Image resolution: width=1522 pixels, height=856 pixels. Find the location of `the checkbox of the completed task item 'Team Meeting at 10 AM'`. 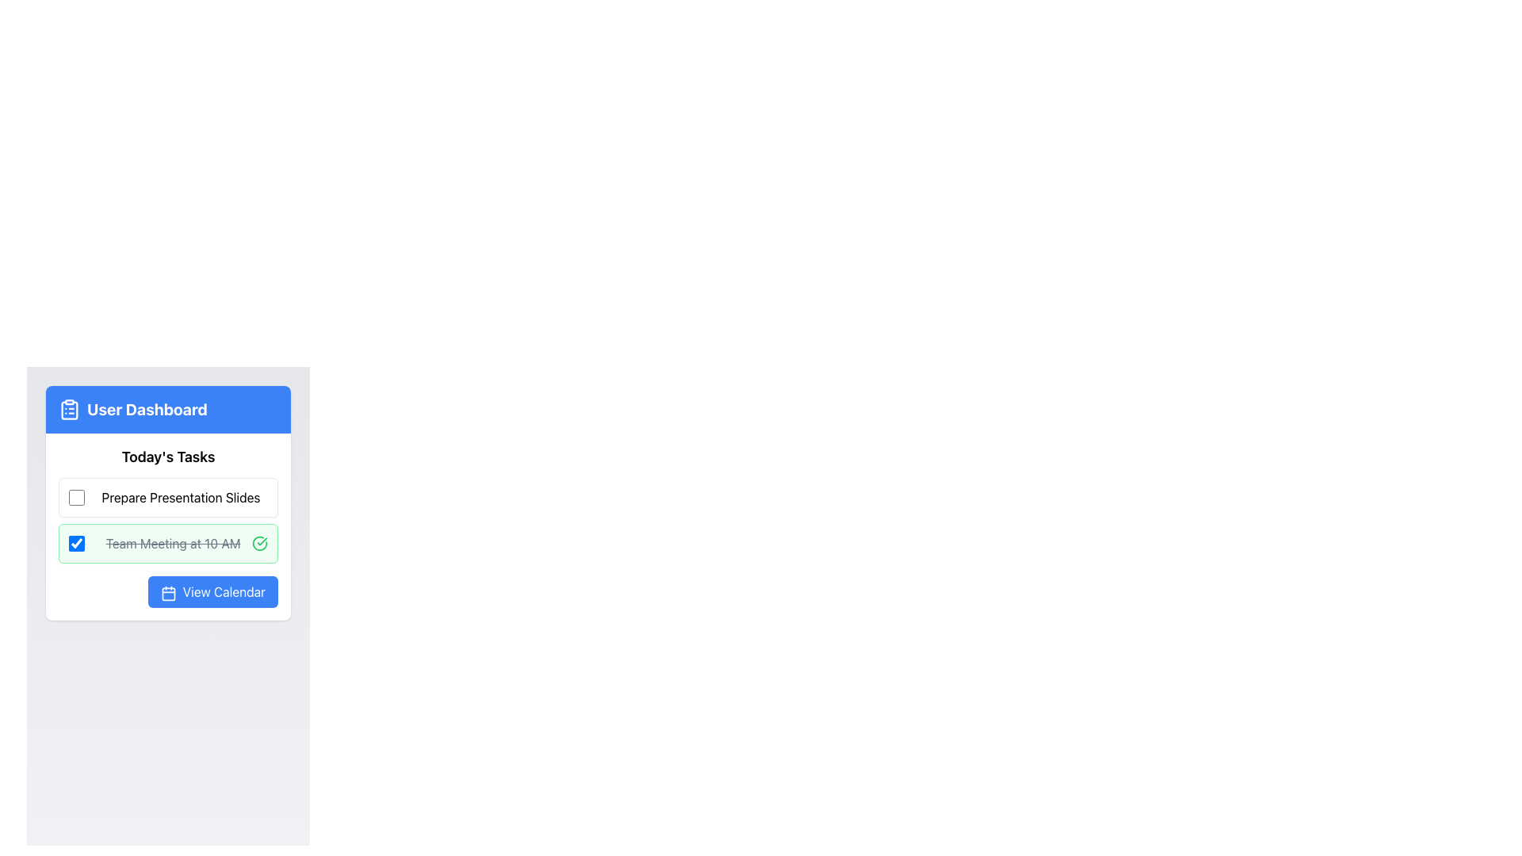

the checkbox of the completed task item 'Team Meeting at 10 AM' is located at coordinates (168, 543).